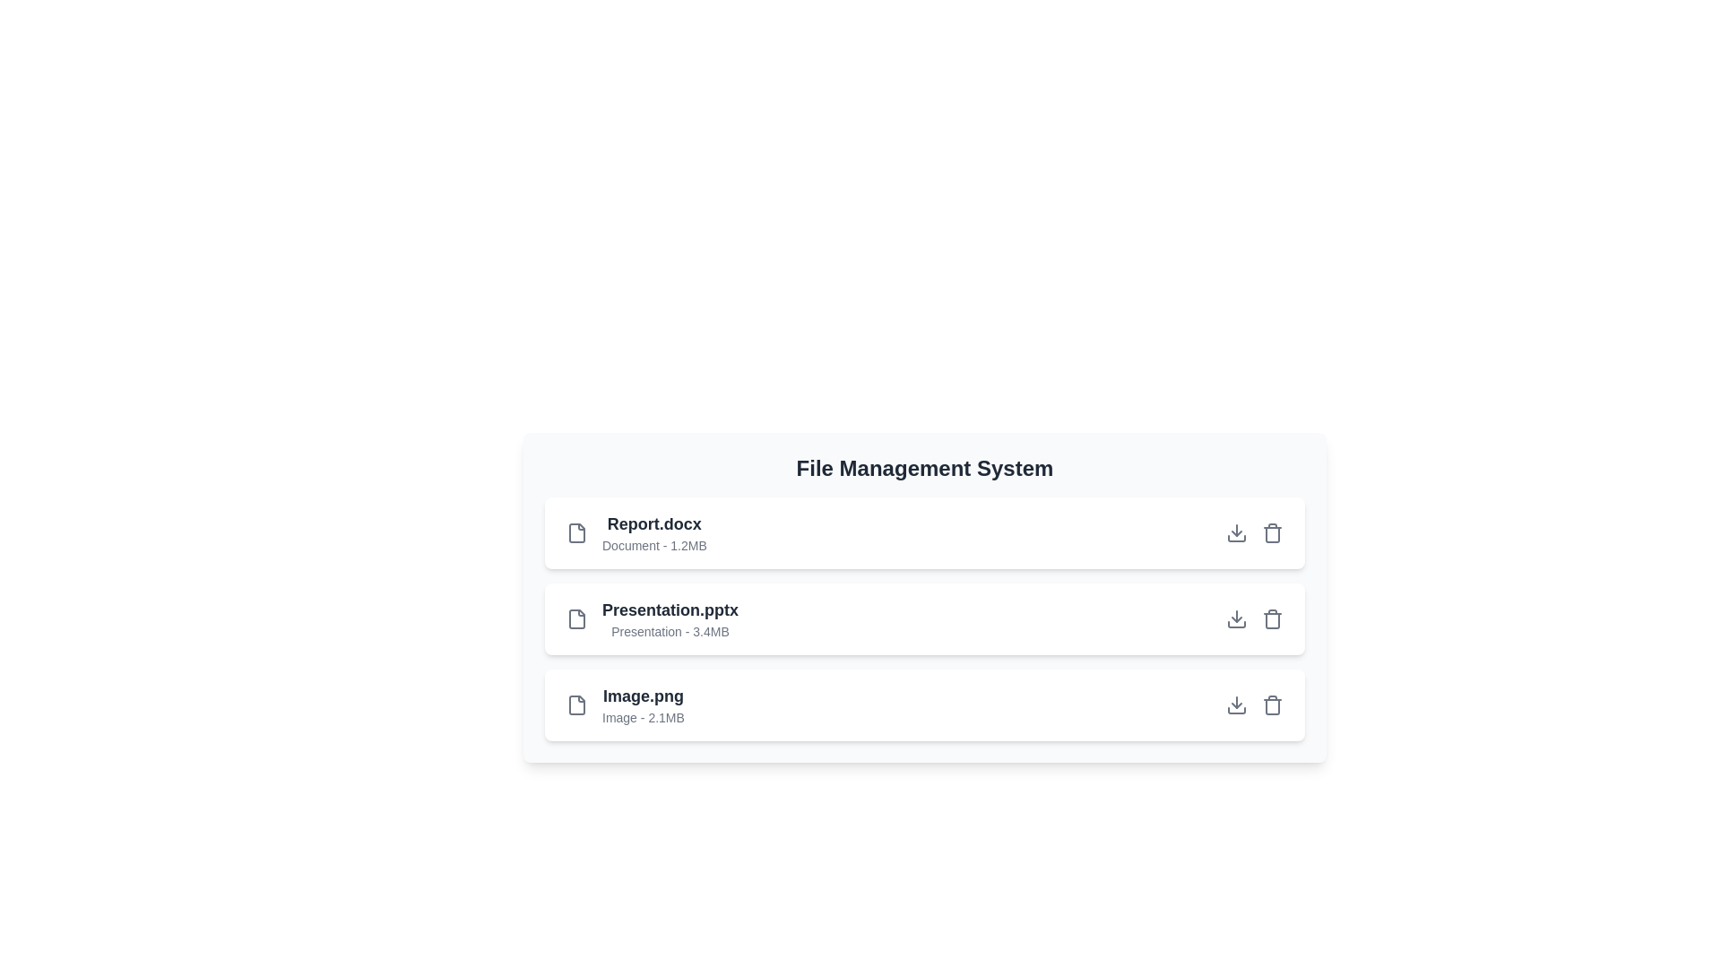 This screenshot has height=968, width=1721. Describe the element at coordinates (1236, 704) in the screenshot. I see `download button for the file Image.png` at that location.